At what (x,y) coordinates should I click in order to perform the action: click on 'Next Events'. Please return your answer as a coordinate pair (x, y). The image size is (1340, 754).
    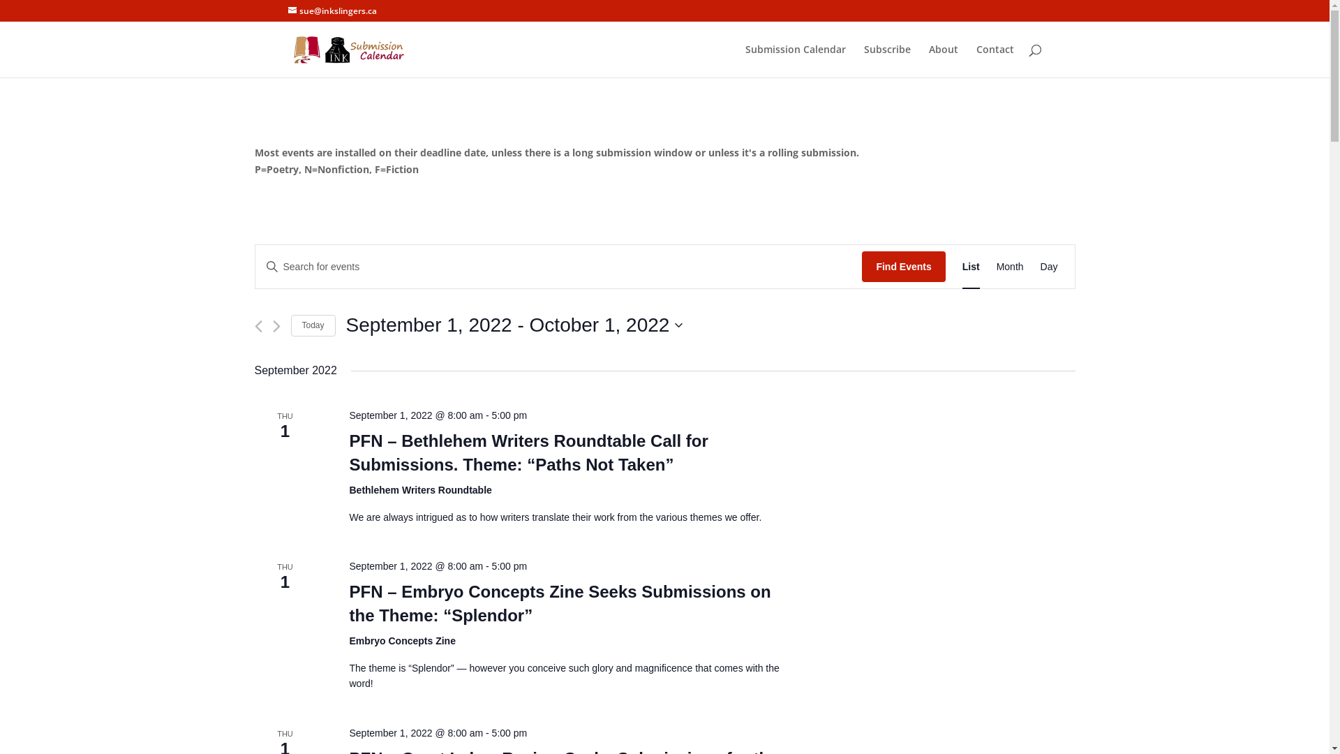
    Looking at the image, I should click on (276, 326).